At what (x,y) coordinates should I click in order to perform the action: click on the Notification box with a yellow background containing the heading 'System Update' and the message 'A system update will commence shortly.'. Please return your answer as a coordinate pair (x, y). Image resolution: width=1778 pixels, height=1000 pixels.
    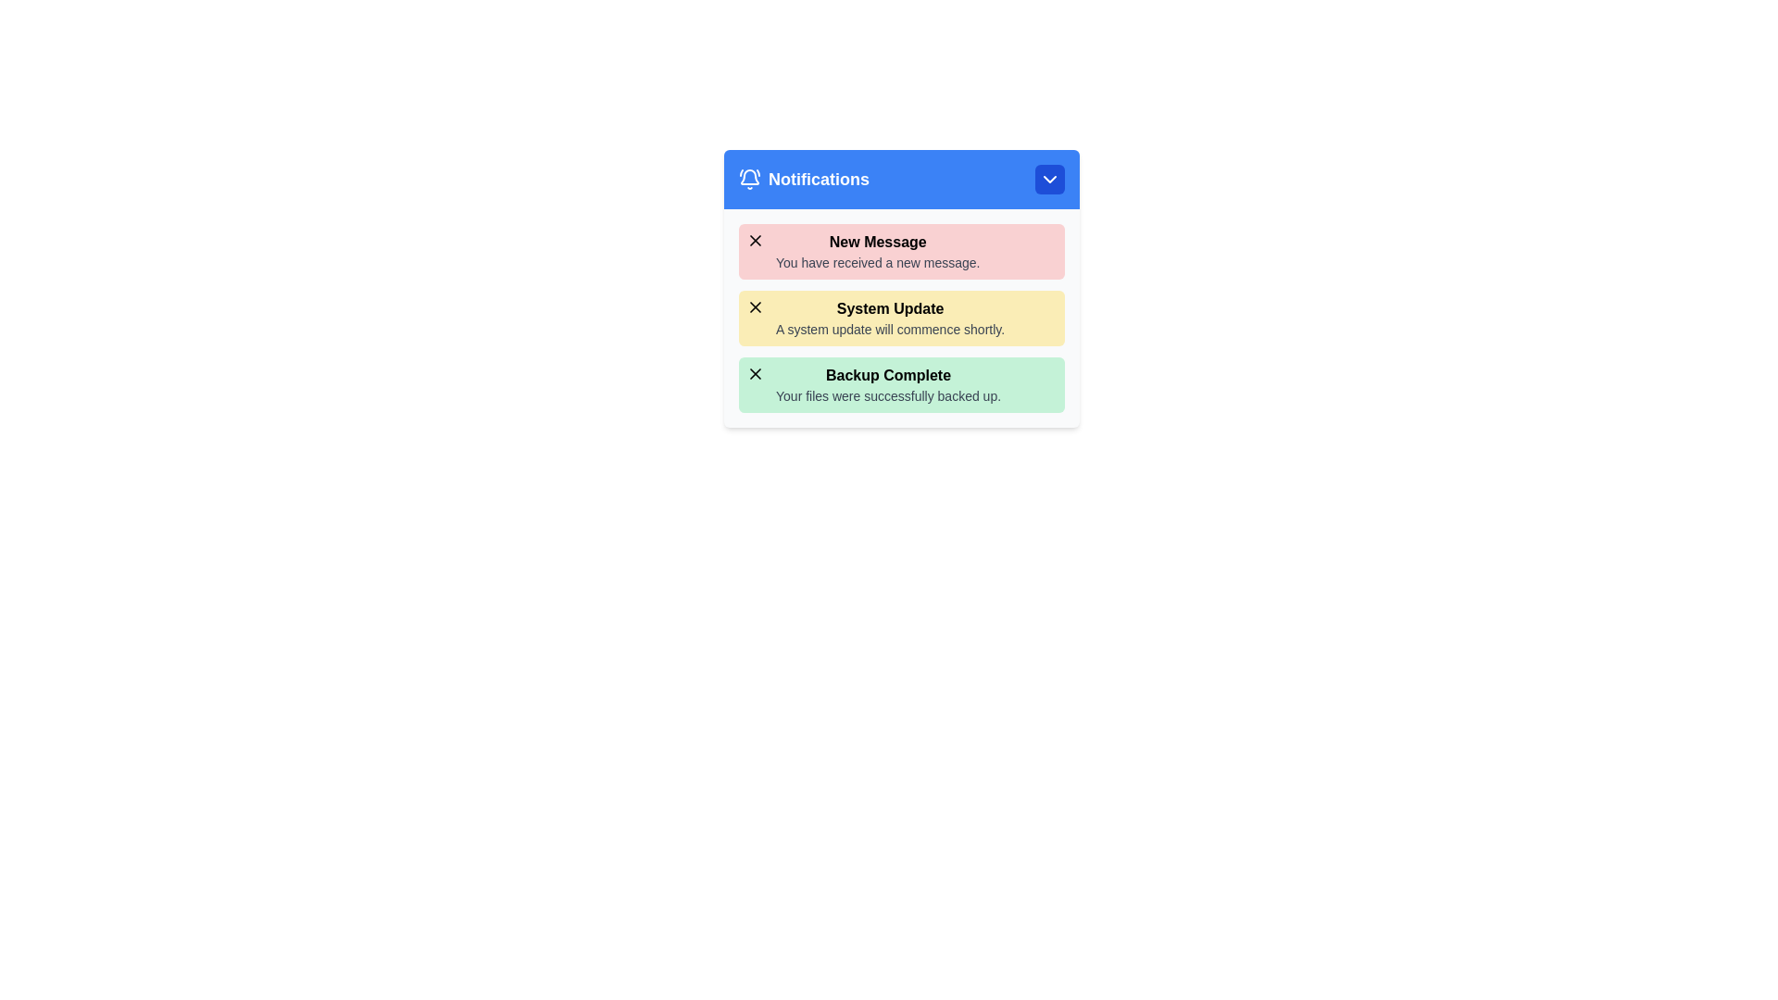
    Looking at the image, I should click on (902, 317).